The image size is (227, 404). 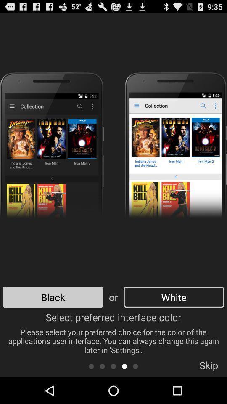 What do you see at coordinates (53, 297) in the screenshot?
I see `the app above the select preferred interface app` at bounding box center [53, 297].